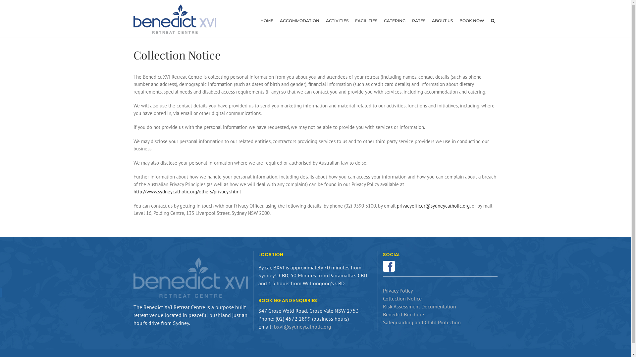  Describe the element at coordinates (383, 322) in the screenshot. I see `'Safeguarding and Child Protection'` at that location.